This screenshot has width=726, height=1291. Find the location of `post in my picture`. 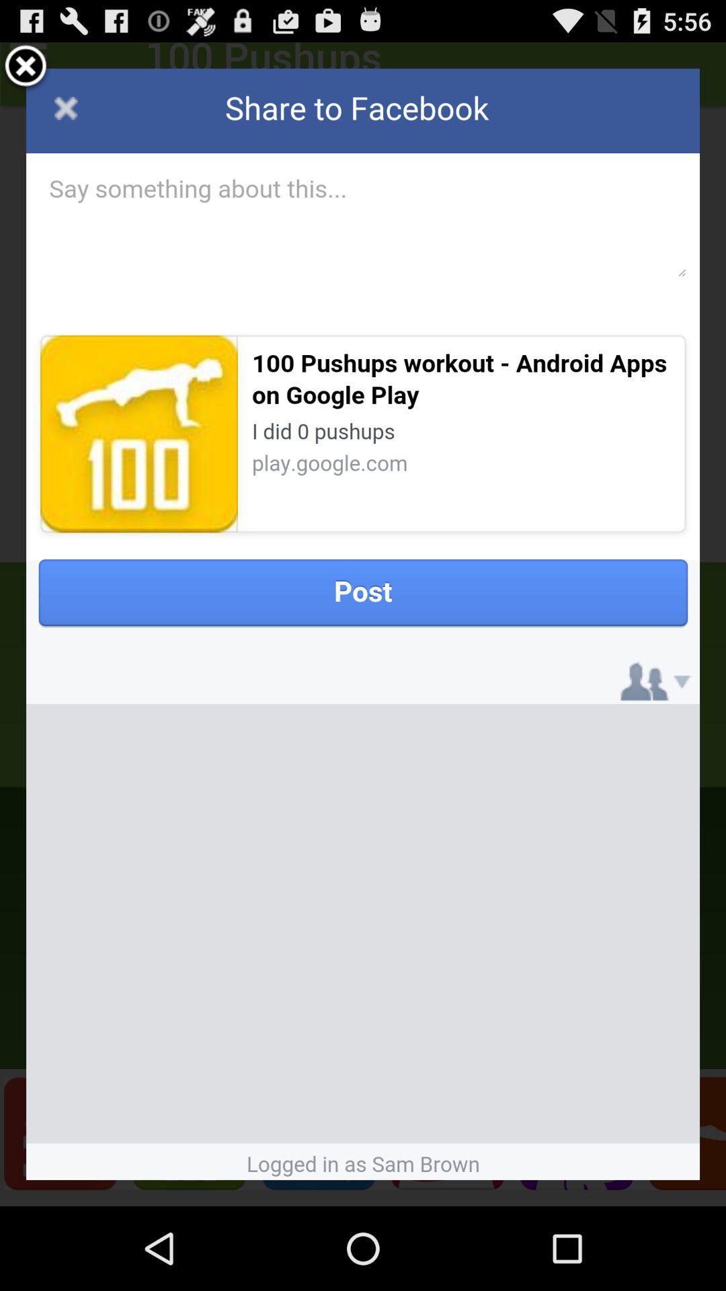

post in my picture is located at coordinates (363, 623).